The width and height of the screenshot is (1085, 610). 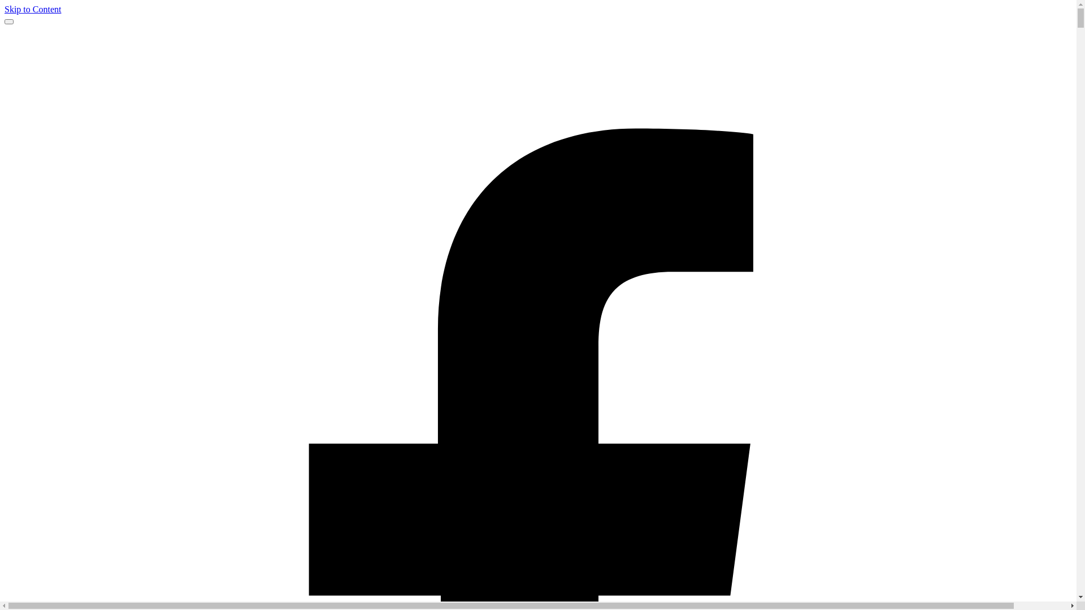 What do you see at coordinates (32, 9) in the screenshot?
I see `'Skip to Content'` at bounding box center [32, 9].